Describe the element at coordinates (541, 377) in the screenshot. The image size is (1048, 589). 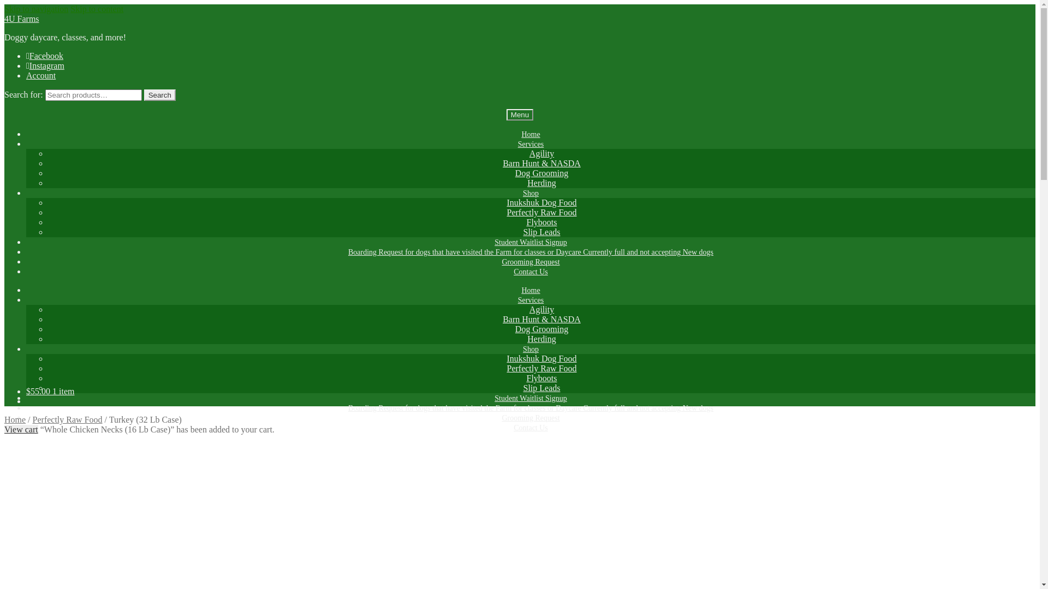
I see `'Flyboots'` at that location.